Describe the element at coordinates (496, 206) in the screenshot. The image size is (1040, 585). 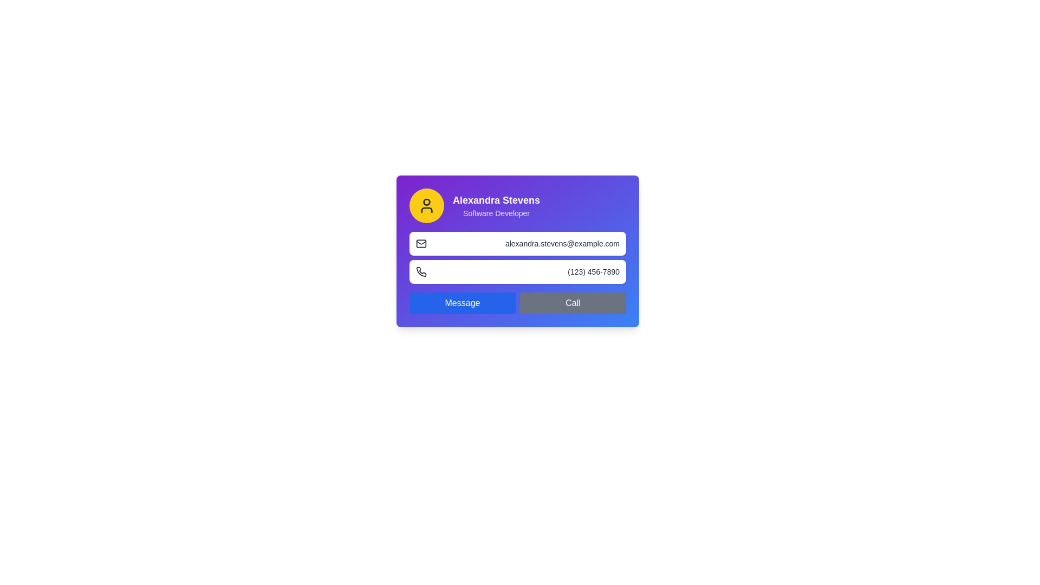
I see `the Combined Text Block that displays the user's name 'Alexandra Stevens' and their professional title 'Software Developer', located in the top portion of a purple rectangular card` at that location.